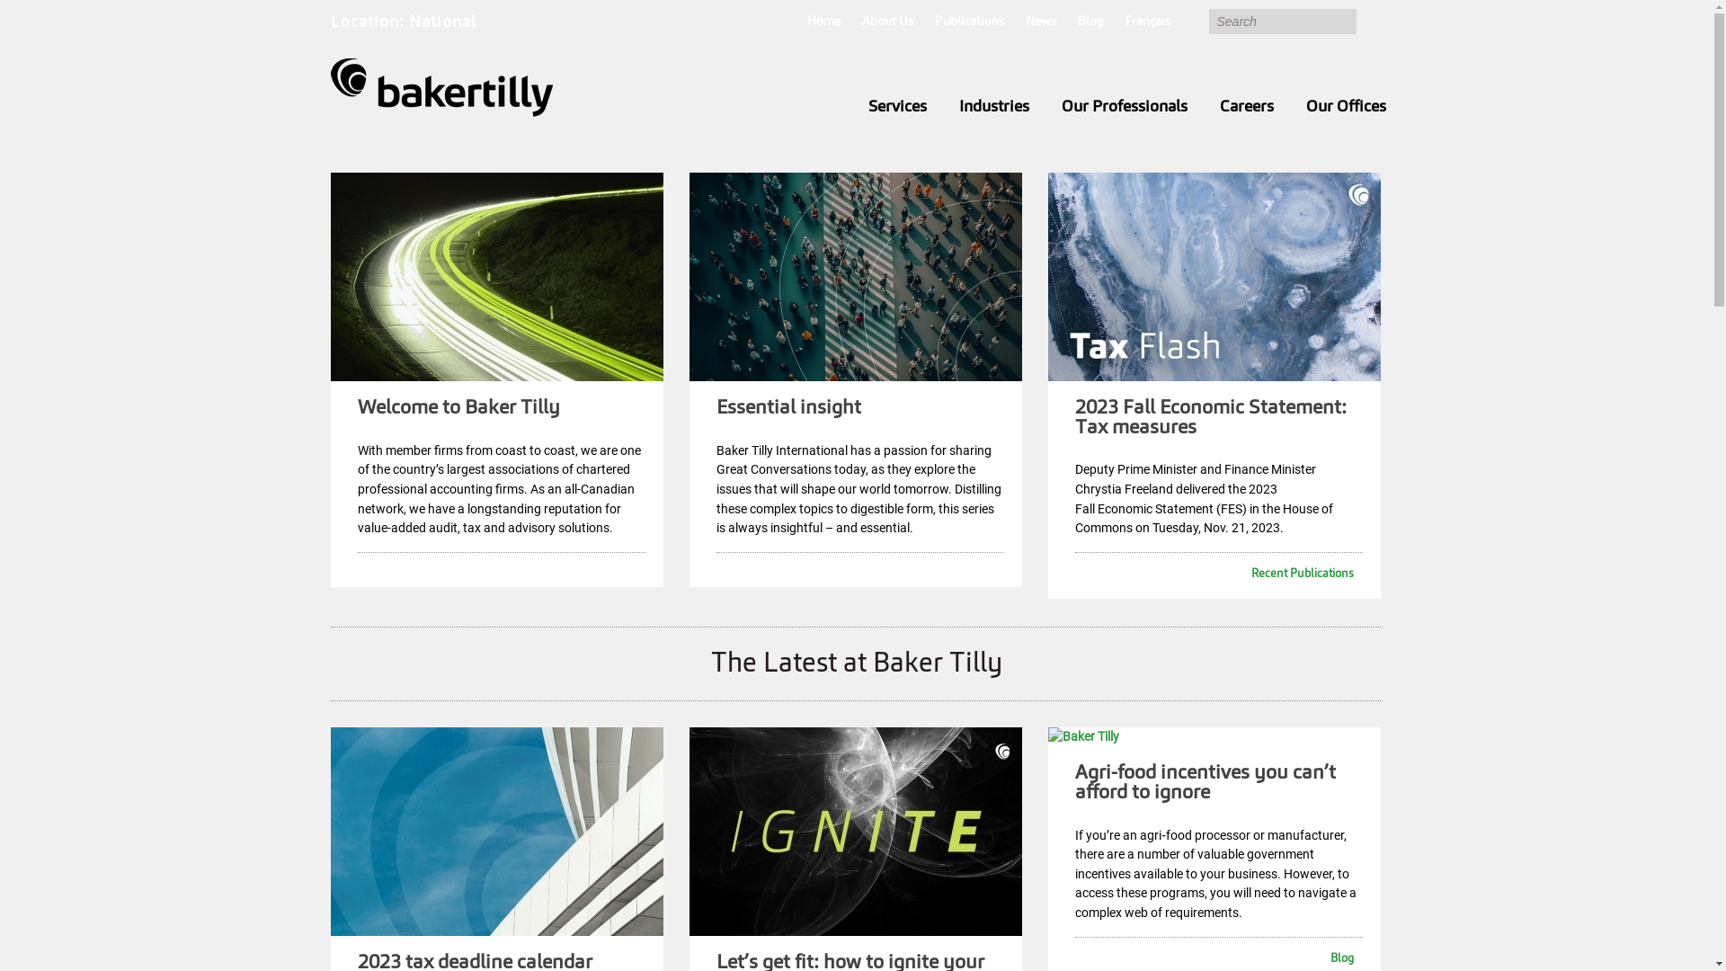  What do you see at coordinates (441, 87) in the screenshot?
I see `'Baker Tilly'` at bounding box center [441, 87].